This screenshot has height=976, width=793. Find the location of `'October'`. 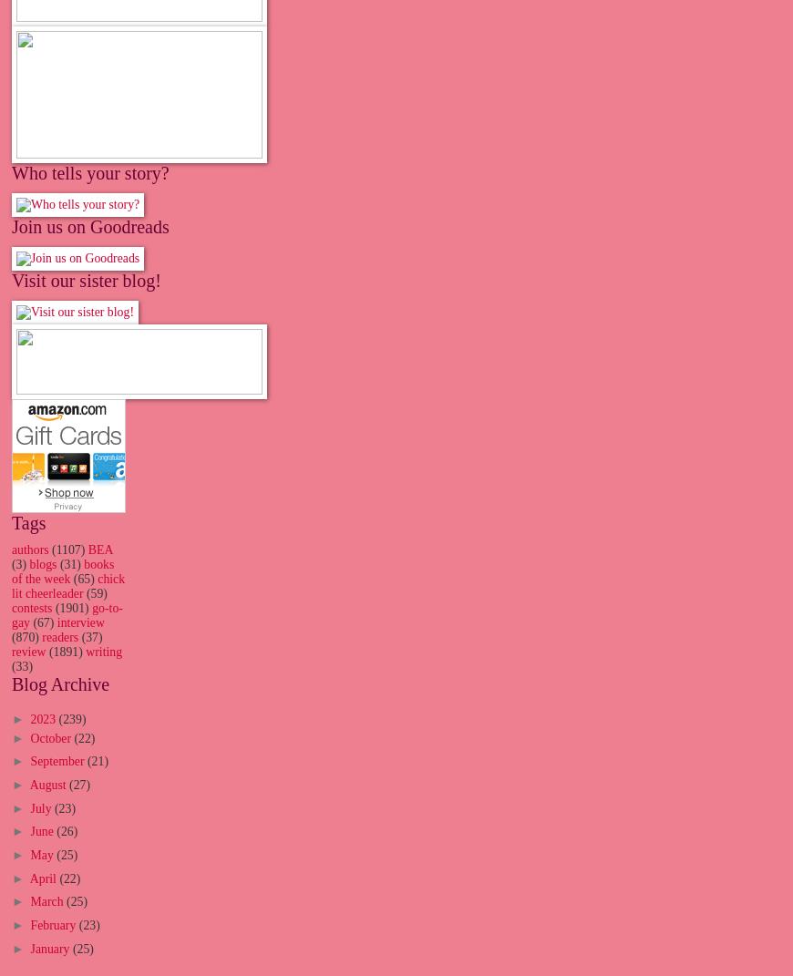

'October' is located at coordinates (50, 736).